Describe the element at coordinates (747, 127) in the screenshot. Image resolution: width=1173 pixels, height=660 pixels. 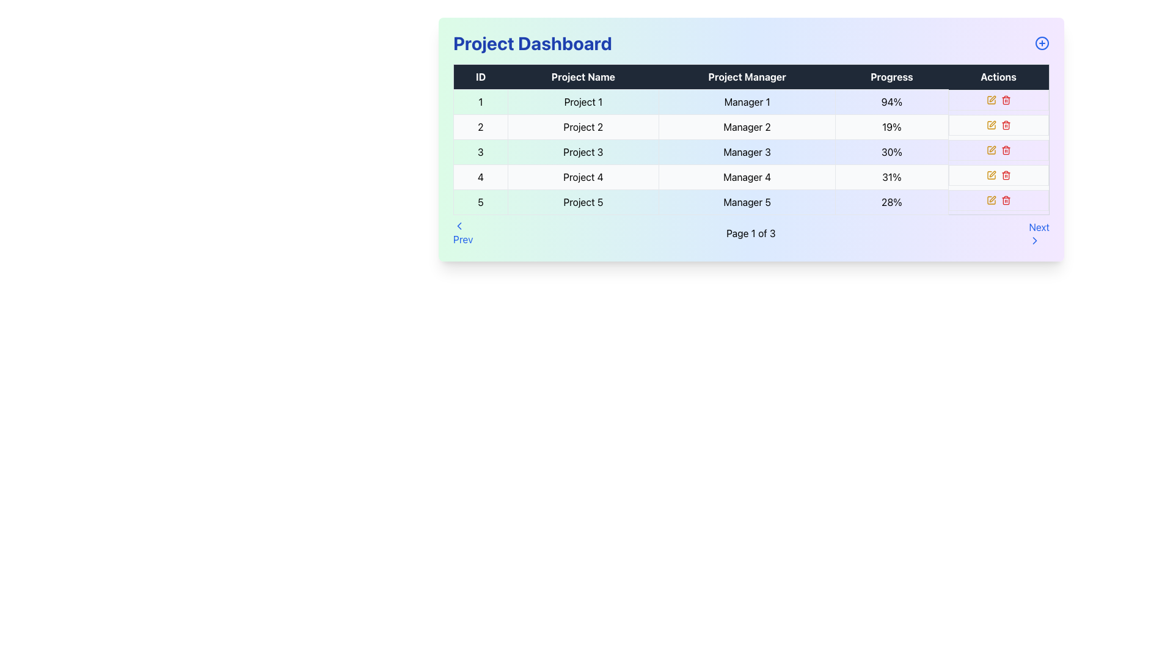
I see `the Text label displaying the name of the project manager in the third column of the second row of the data table` at that location.